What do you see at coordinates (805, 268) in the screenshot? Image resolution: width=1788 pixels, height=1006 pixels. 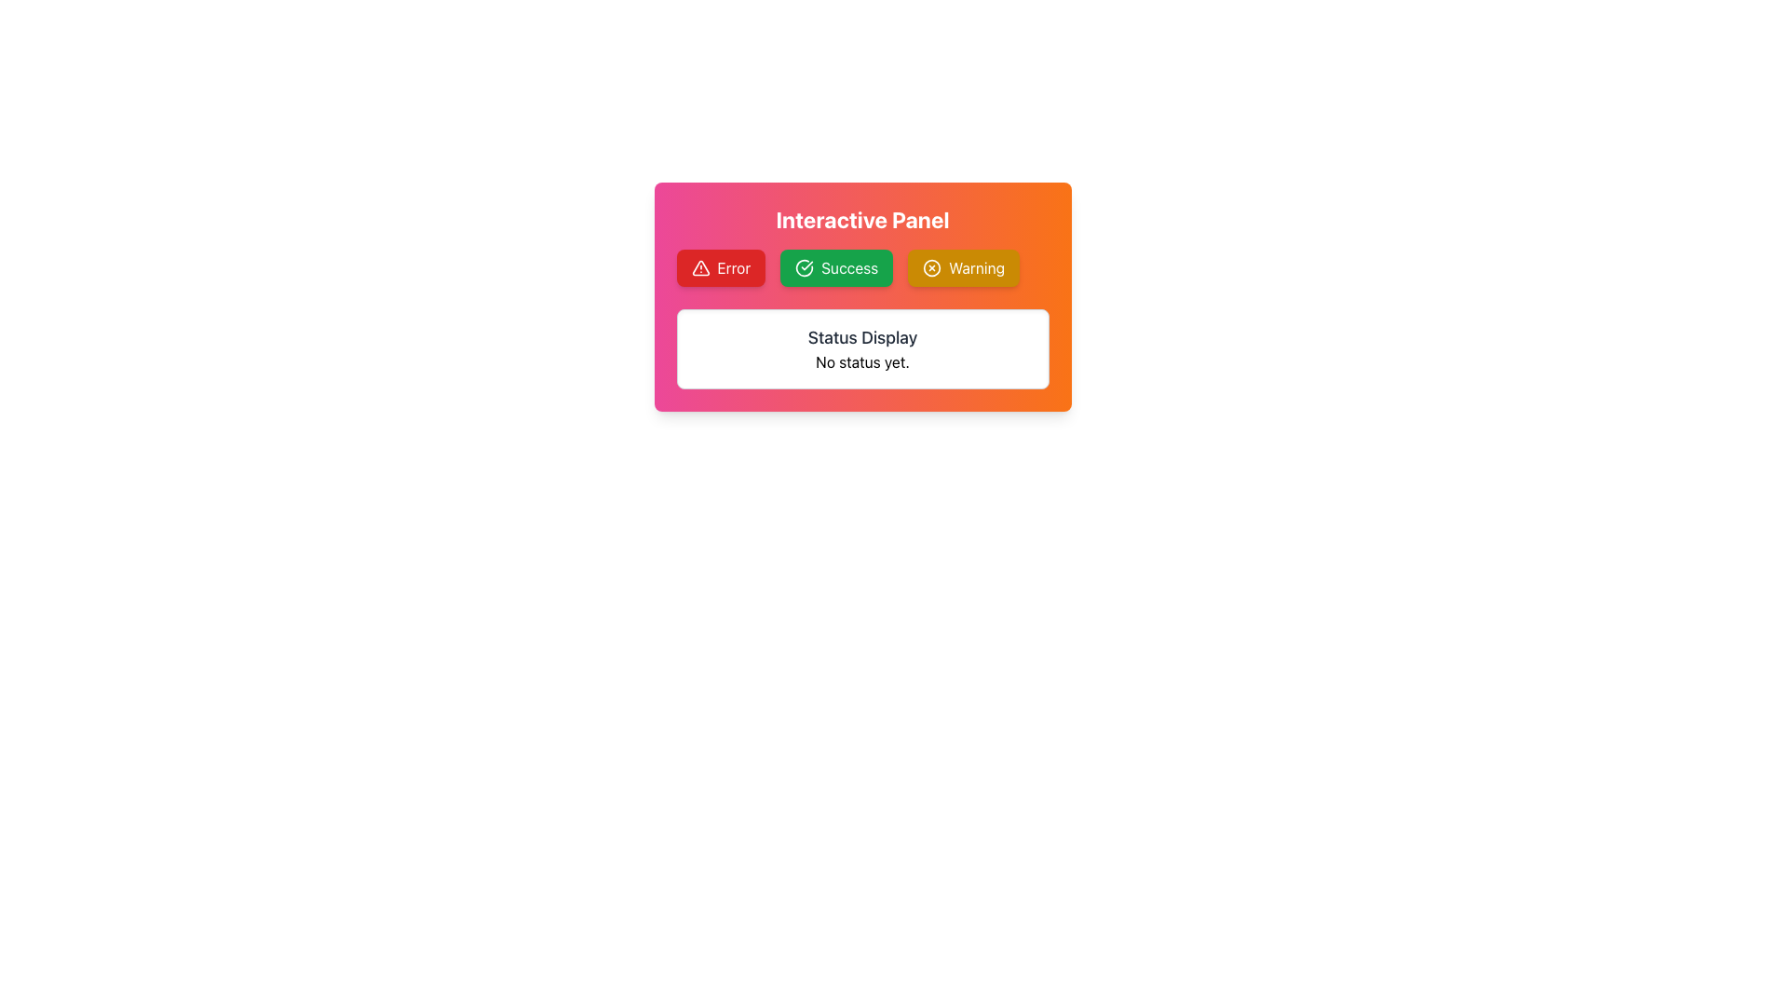 I see `the circular icon with a green outline and a white background that contains a checkmark, indicating a positive action associated with the 'Success' button` at bounding box center [805, 268].